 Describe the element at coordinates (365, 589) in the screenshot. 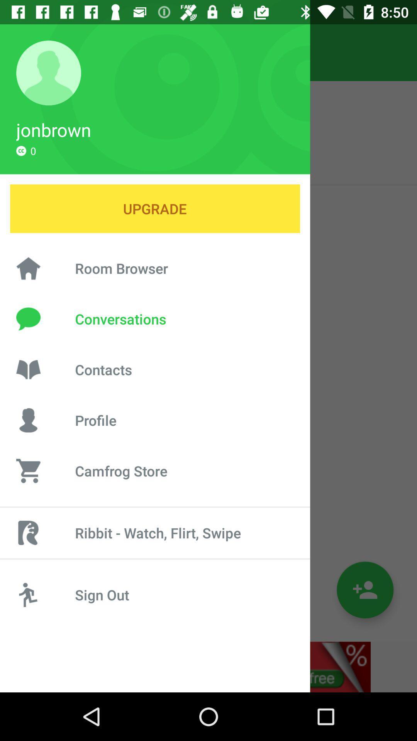

I see `the follow icon` at that location.